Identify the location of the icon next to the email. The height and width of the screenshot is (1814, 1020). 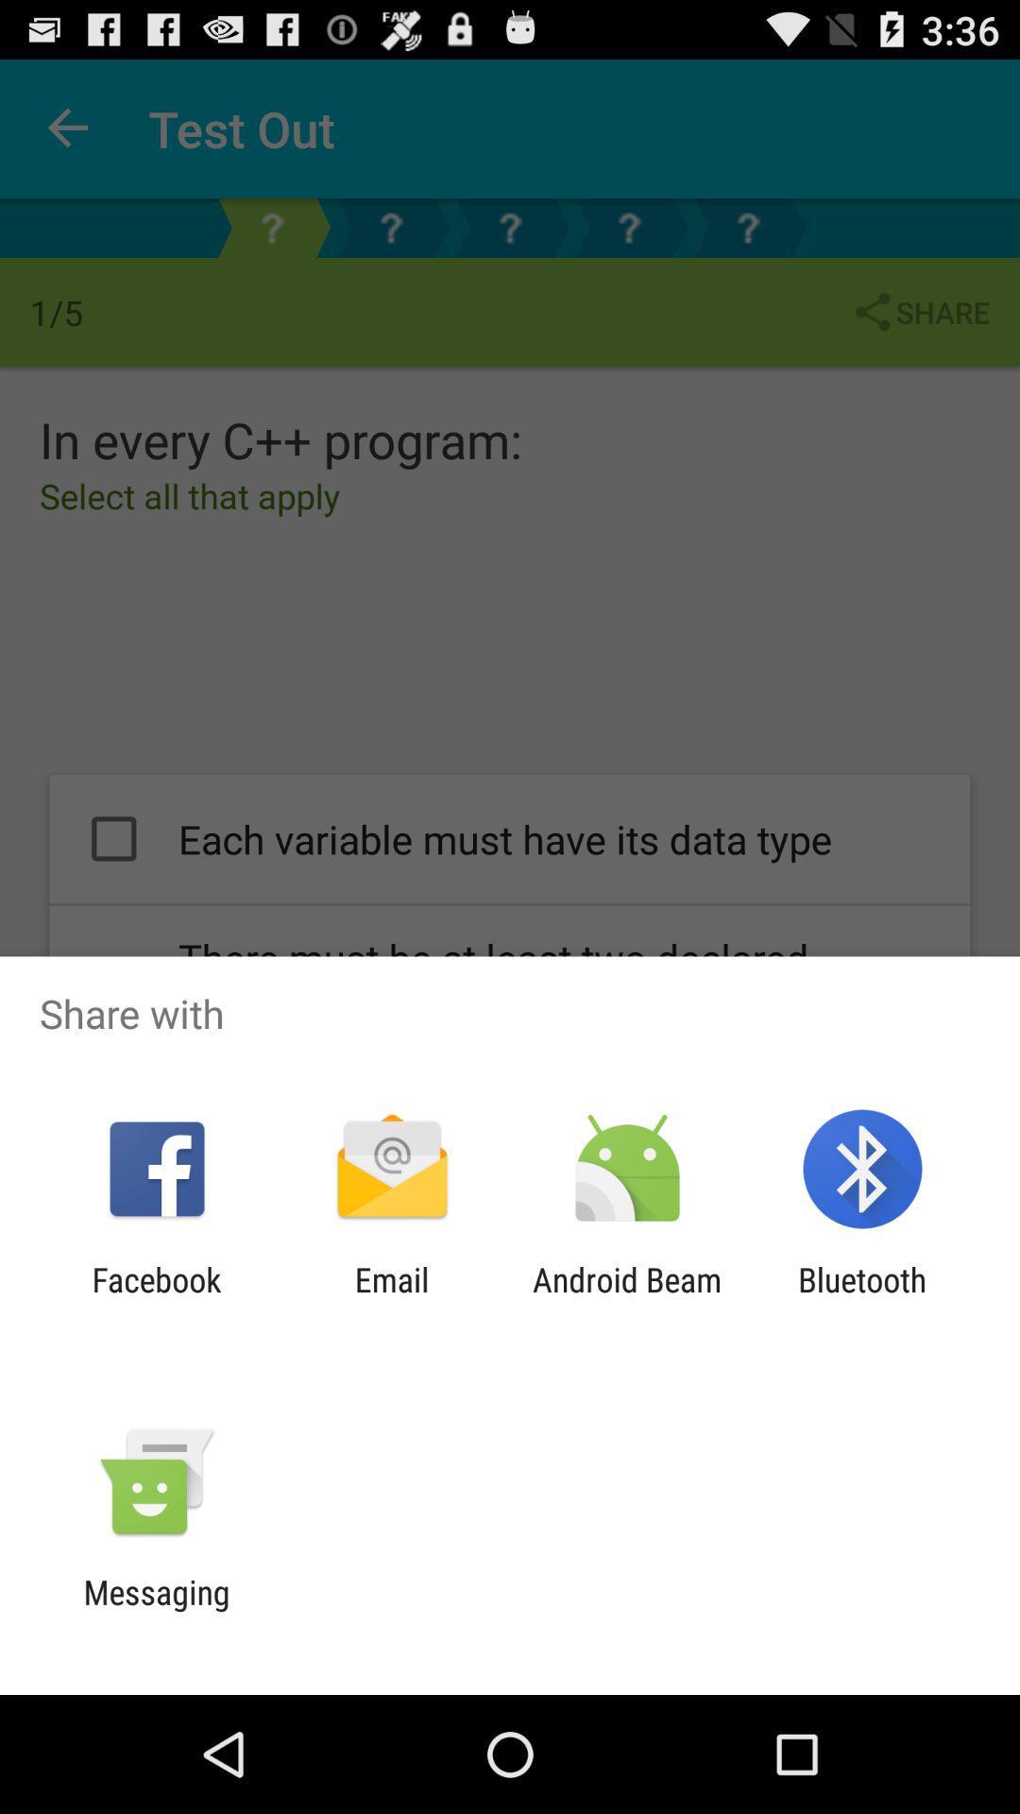
(156, 1298).